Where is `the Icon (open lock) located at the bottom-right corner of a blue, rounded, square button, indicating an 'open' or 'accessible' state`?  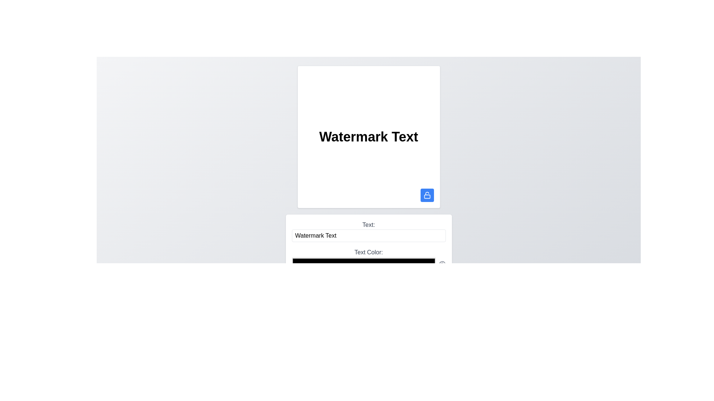 the Icon (open lock) located at the bottom-right corner of a blue, rounded, square button, indicating an 'open' or 'accessible' state is located at coordinates (427, 195).